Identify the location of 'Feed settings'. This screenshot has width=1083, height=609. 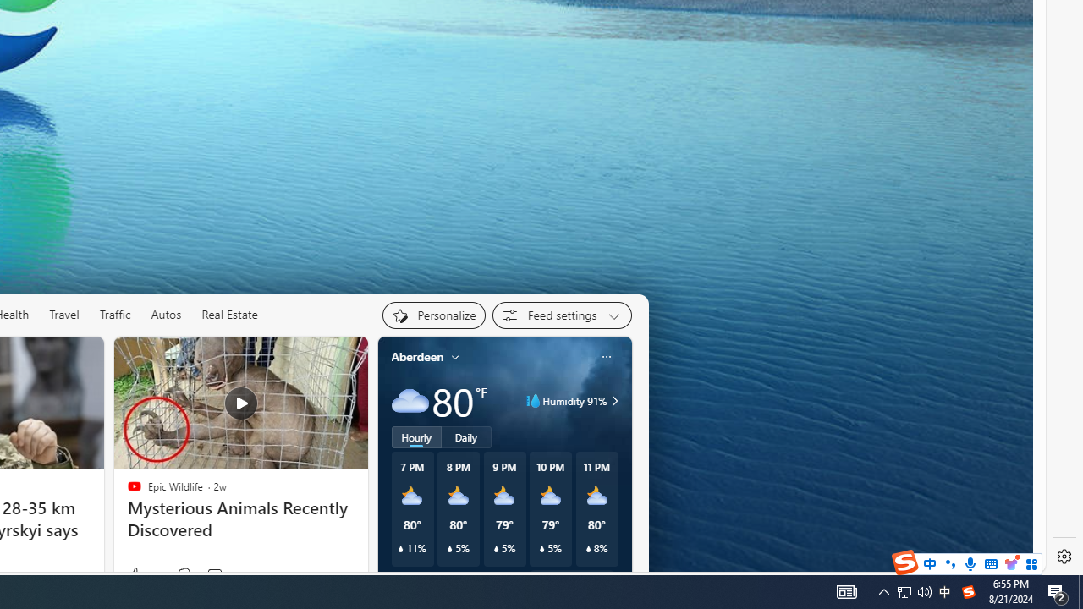
(562, 315).